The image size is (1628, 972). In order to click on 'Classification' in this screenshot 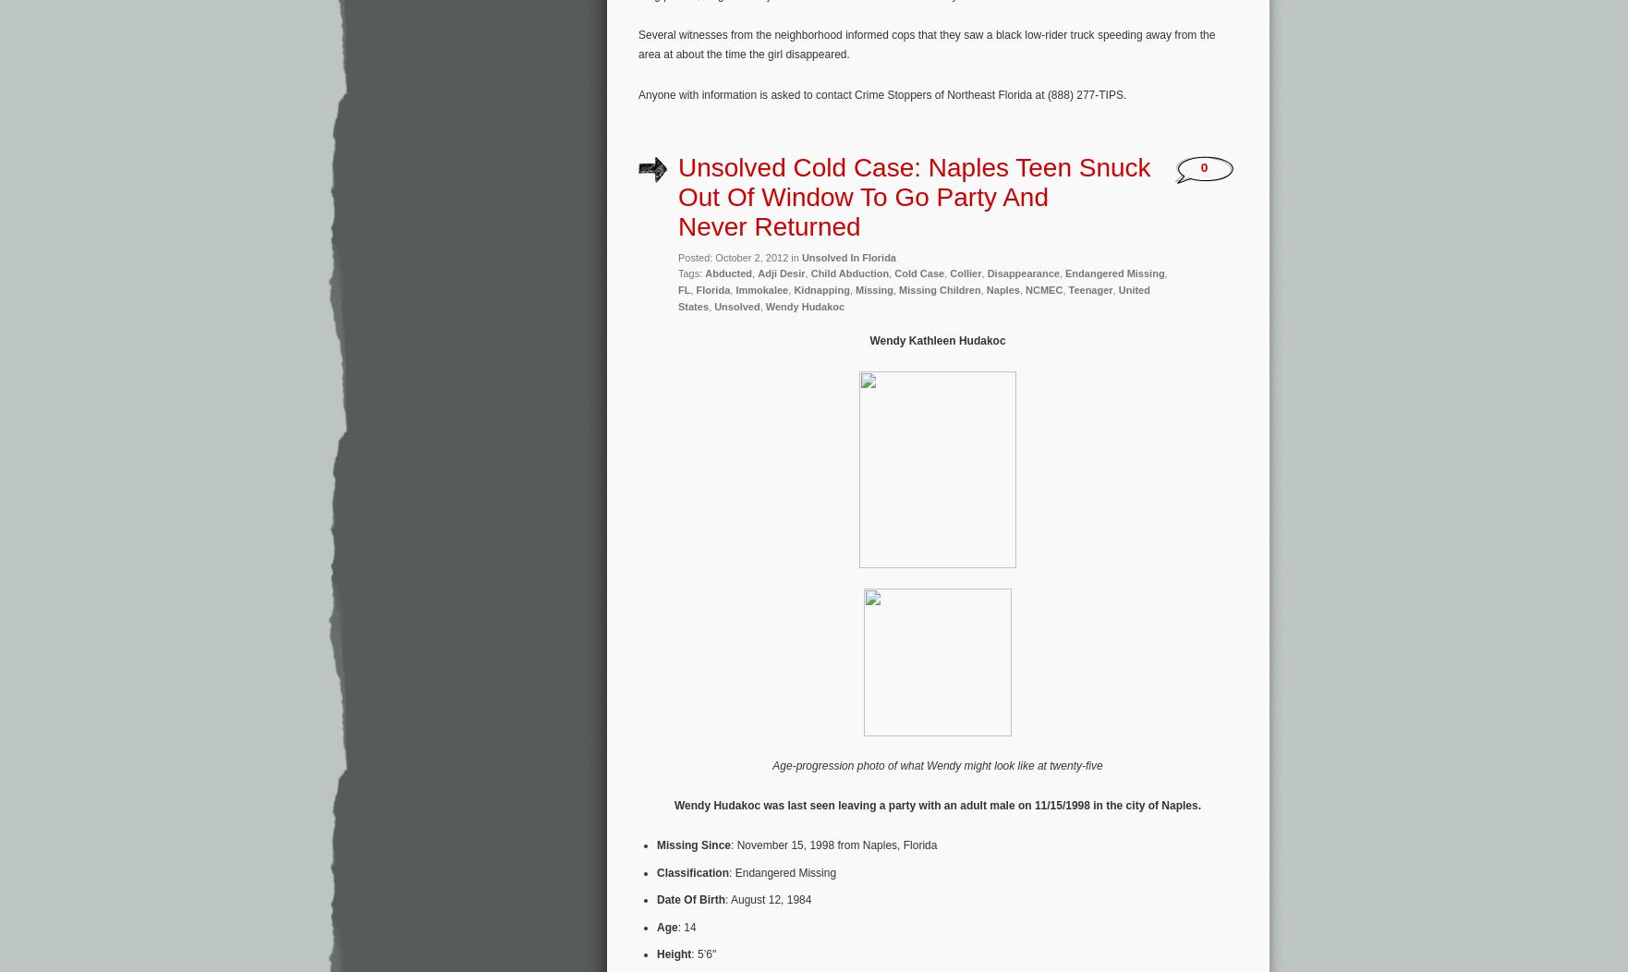, I will do `click(692, 870)`.